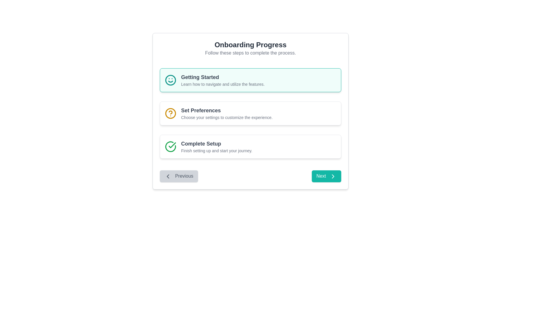 The height and width of the screenshot is (315, 560). What do you see at coordinates (251, 48) in the screenshot?
I see `the title and subtitle text block at the top of the onboarding process interface, which provides instructions and information about the steps to follow` at bounding box center [251, 48].